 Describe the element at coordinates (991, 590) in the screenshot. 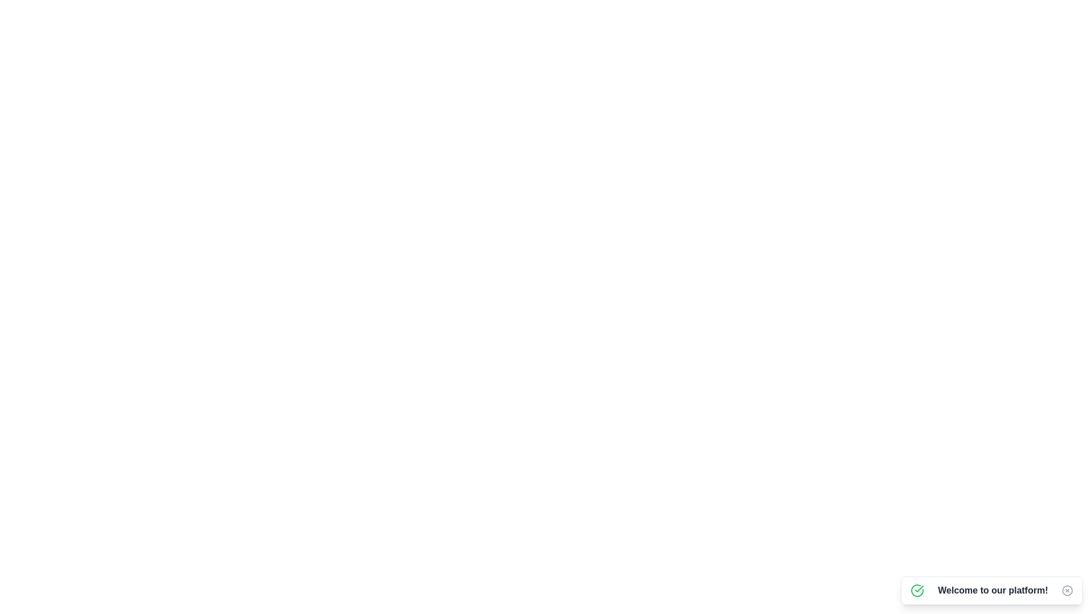

I see `the Notification card located at the bottom-right corner of the interface` at that location.